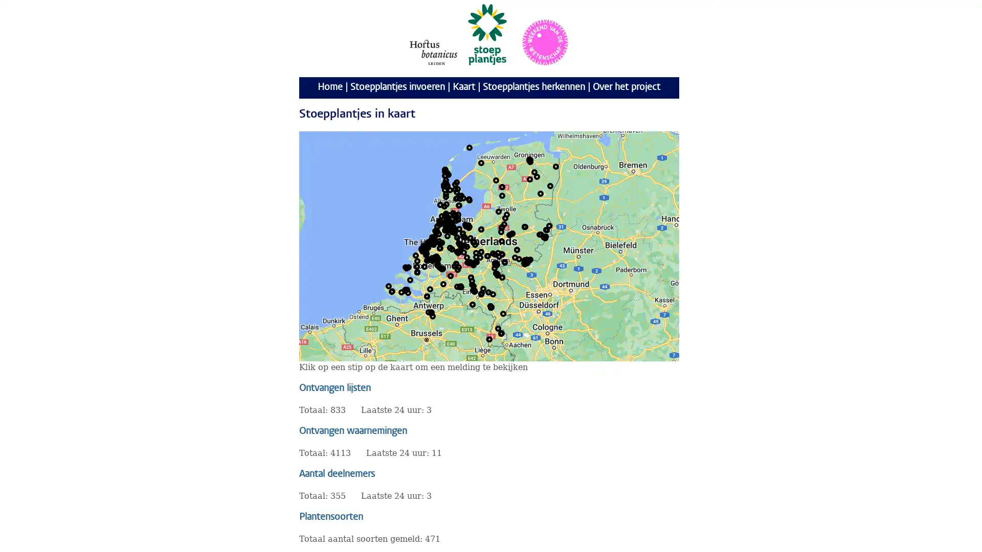  What do you see at coordinates (496, 264) in the screenshot?
I see `Telling van Julia op 15 oktober 2021` at bounding box center [496, 264].